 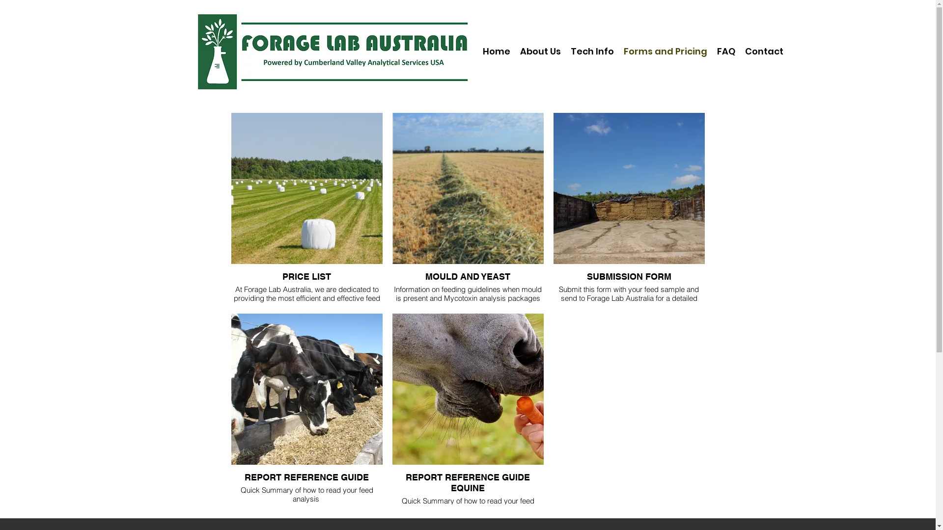 I want to click on 'FAQ', so click(x=726, y=51).